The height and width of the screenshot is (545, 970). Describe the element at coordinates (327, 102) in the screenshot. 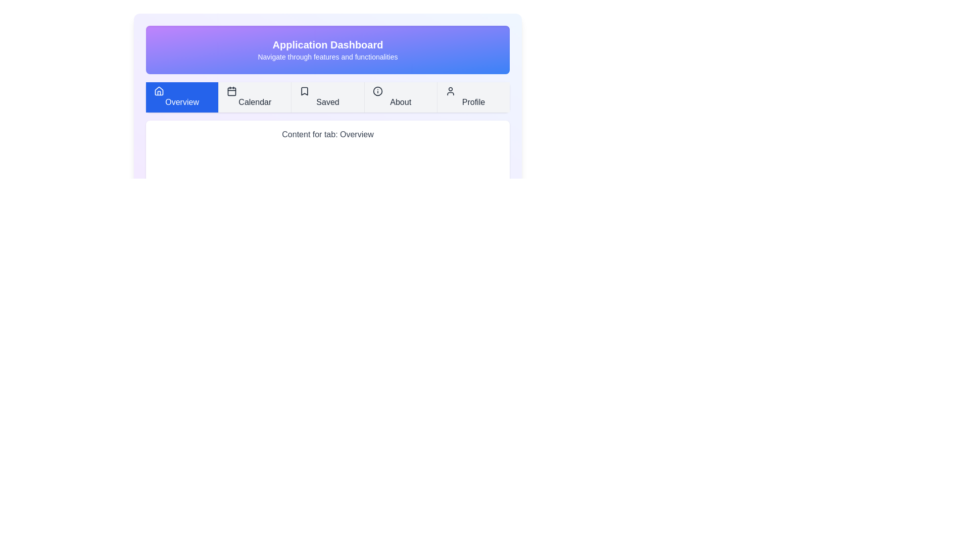

I see `the Text label indicating the context for the saved items tab, which is the third item from the left in the navigation bar` at that location.